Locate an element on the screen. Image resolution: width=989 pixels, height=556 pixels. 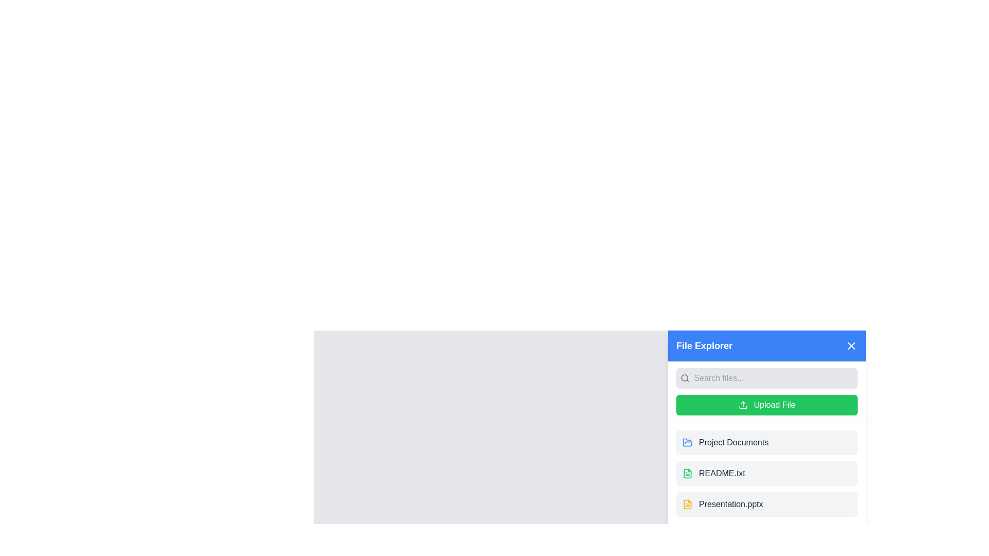
the list item representing the file 'README.txt' is located at coordinates (766, 474).